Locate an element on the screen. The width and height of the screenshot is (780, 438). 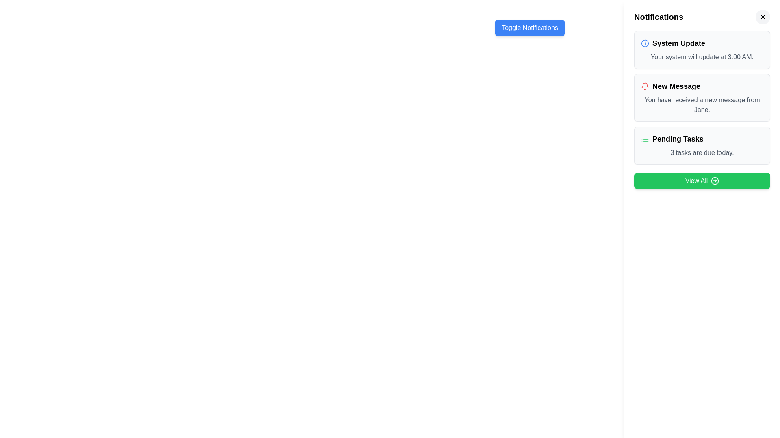
the topmost notification card in the right-hand notification panel that displays system update information is located at coordinates (702, 50).